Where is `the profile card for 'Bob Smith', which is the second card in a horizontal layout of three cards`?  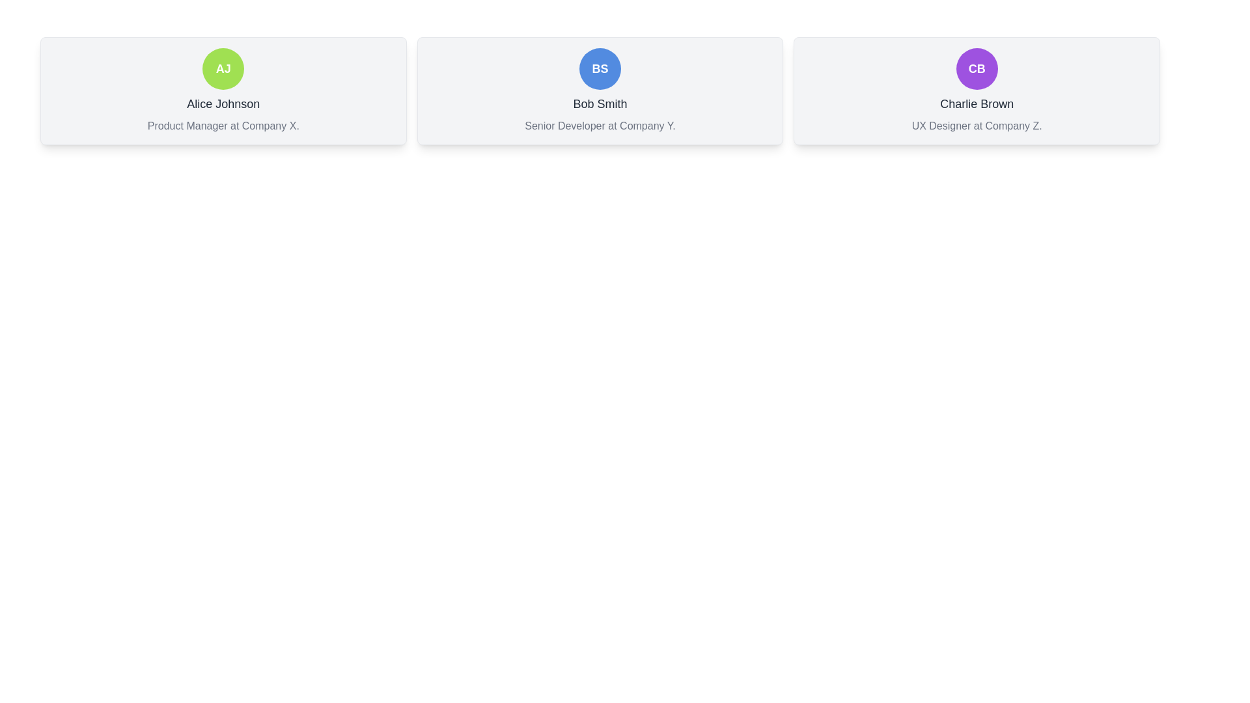 the profile card for 'Bob Smith', which is the second card in a horizontal layout of three cards is located at coordinates (599, 90).